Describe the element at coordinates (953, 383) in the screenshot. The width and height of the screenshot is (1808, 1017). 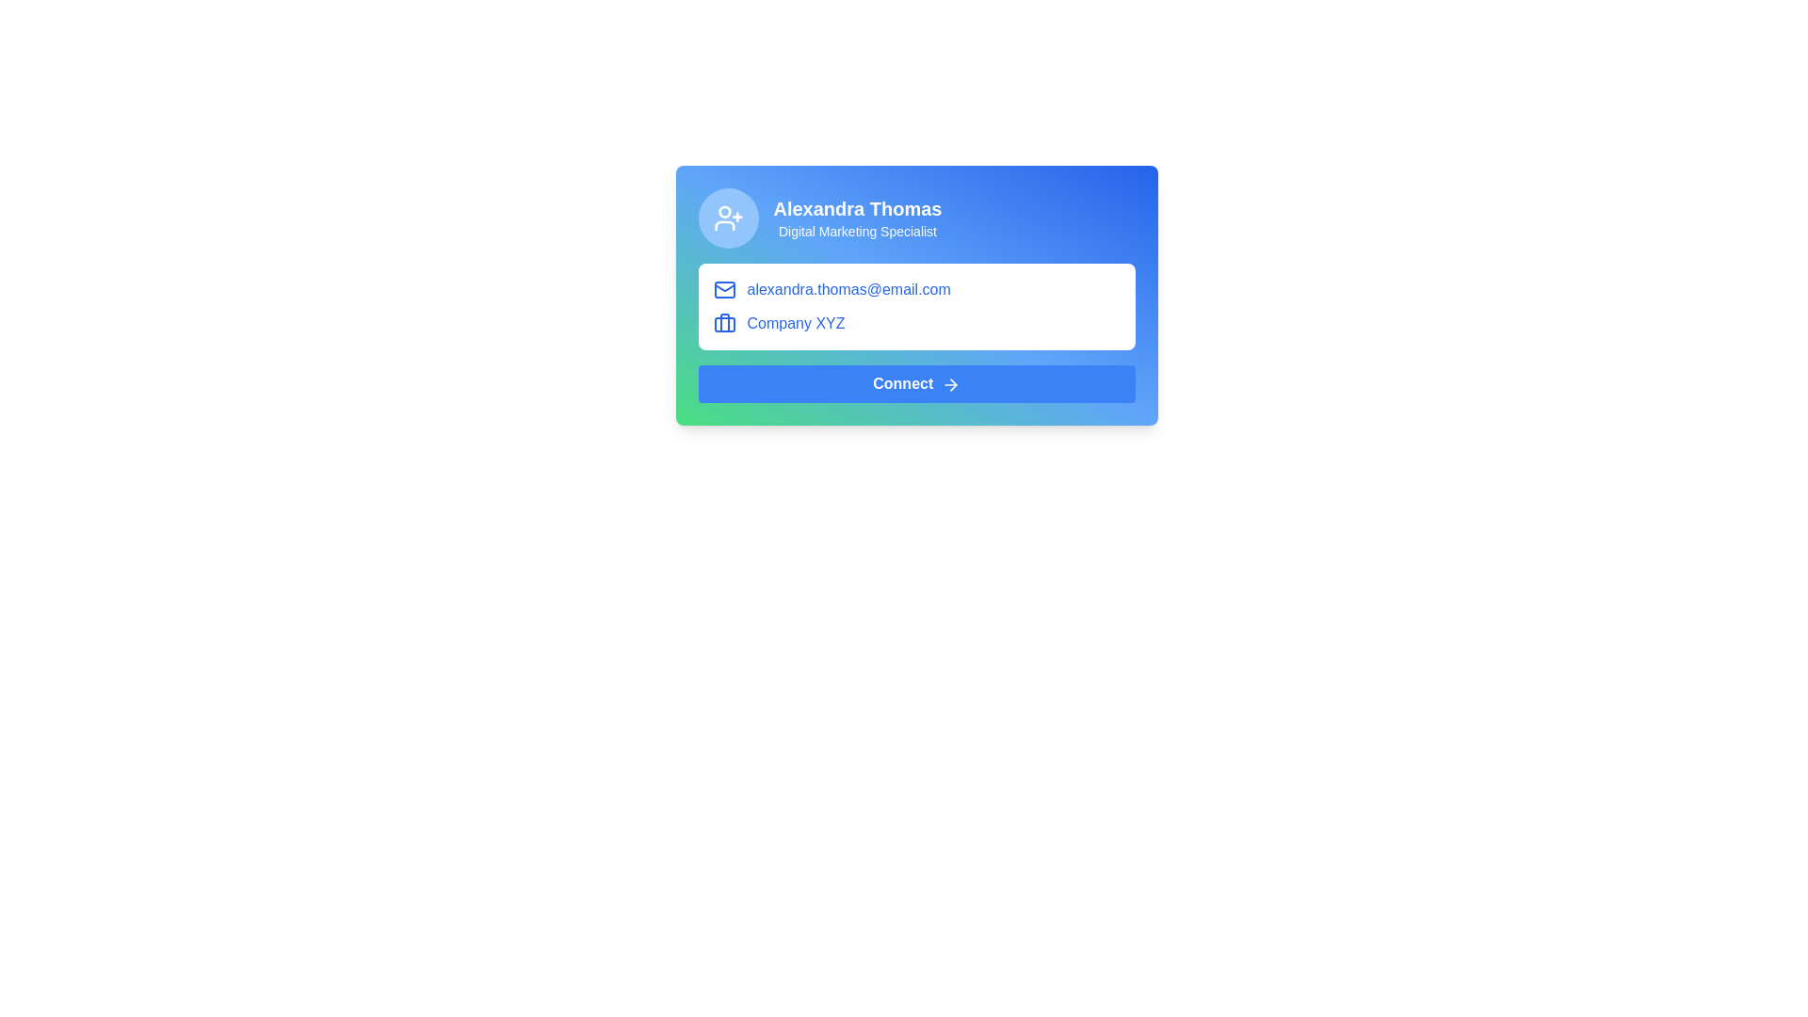
I see `SVG-based arrow icon located within the 'Connect' button, which visually indicates the next step when interacting with the button` at that location.